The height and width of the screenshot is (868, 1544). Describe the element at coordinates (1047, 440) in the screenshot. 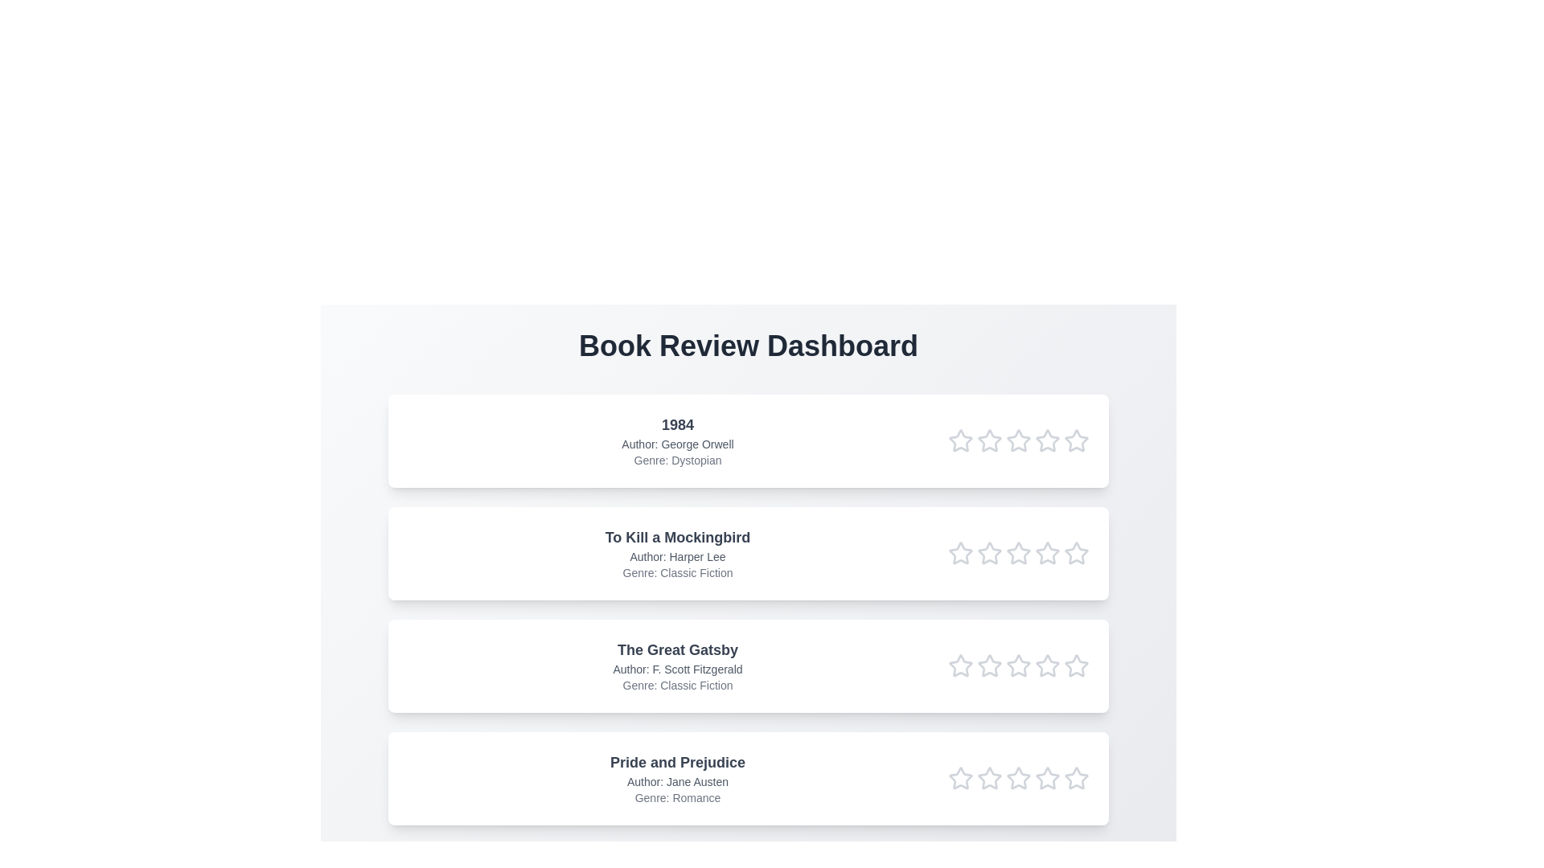

I see `the rating of the book '1984' to 4 stars by clicking on the respective star` at that location.